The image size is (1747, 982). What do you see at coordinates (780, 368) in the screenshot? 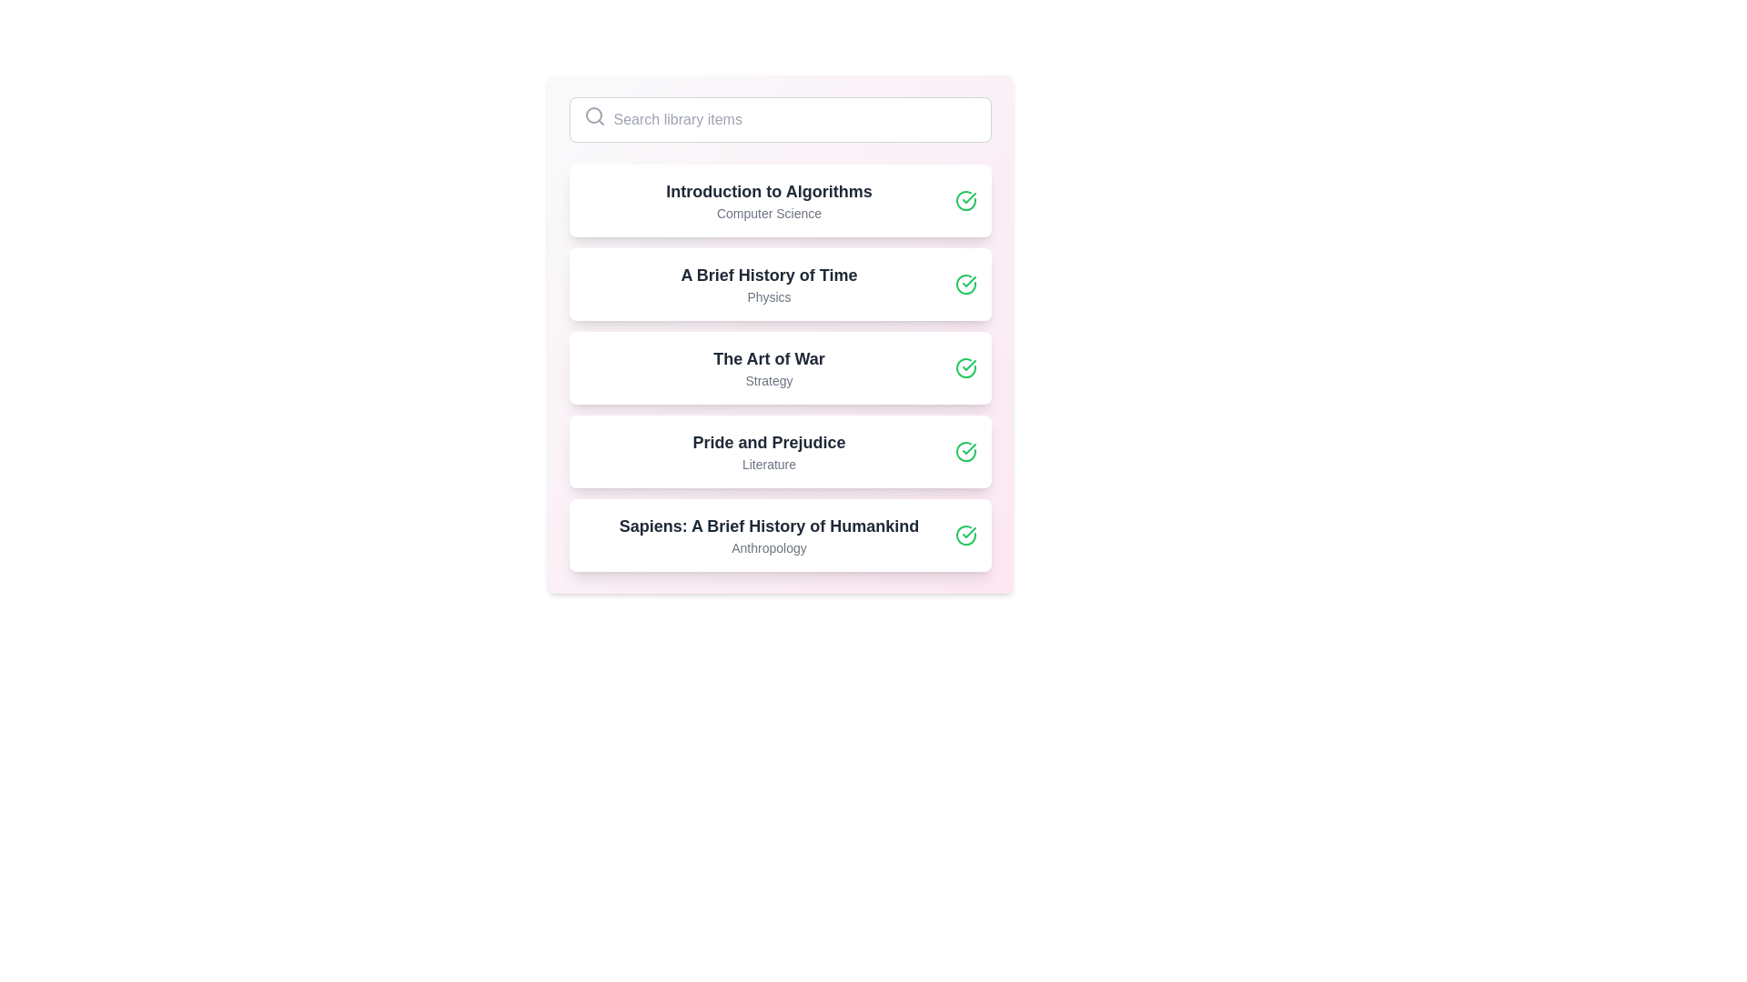
I see `the third card` at bounding box center [780, 368].